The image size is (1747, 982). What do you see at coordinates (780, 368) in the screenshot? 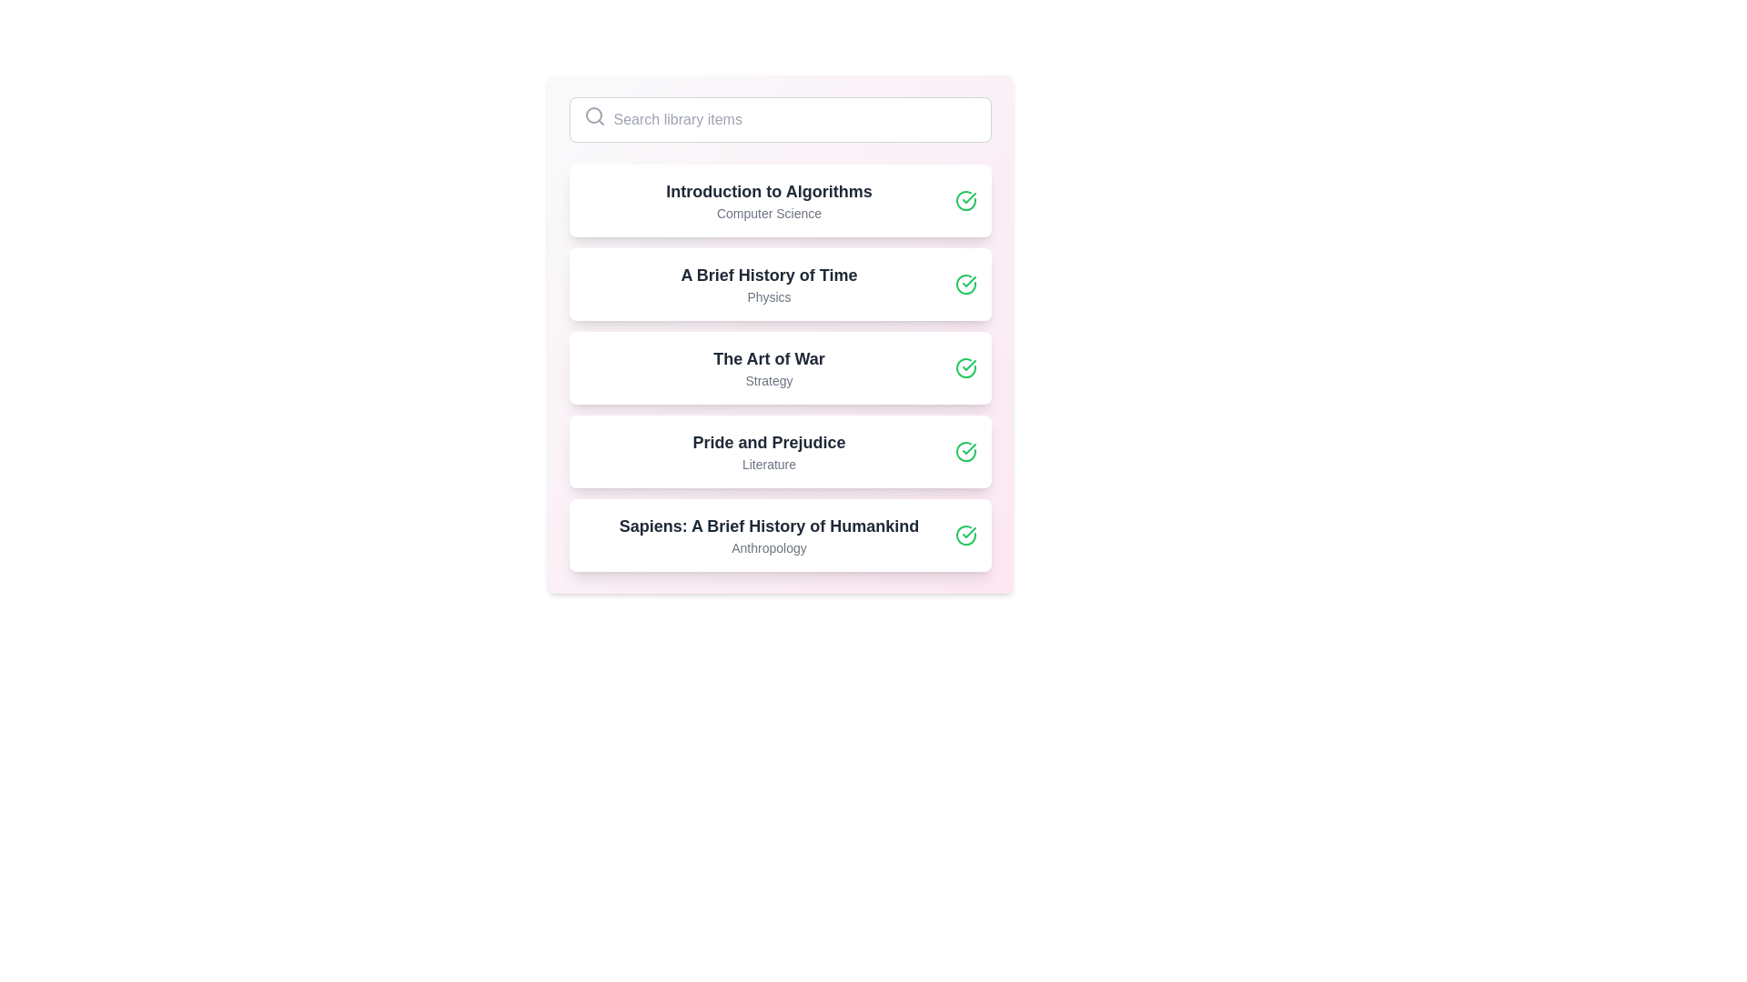
I see `the third card` at bounding box center [780, 368].